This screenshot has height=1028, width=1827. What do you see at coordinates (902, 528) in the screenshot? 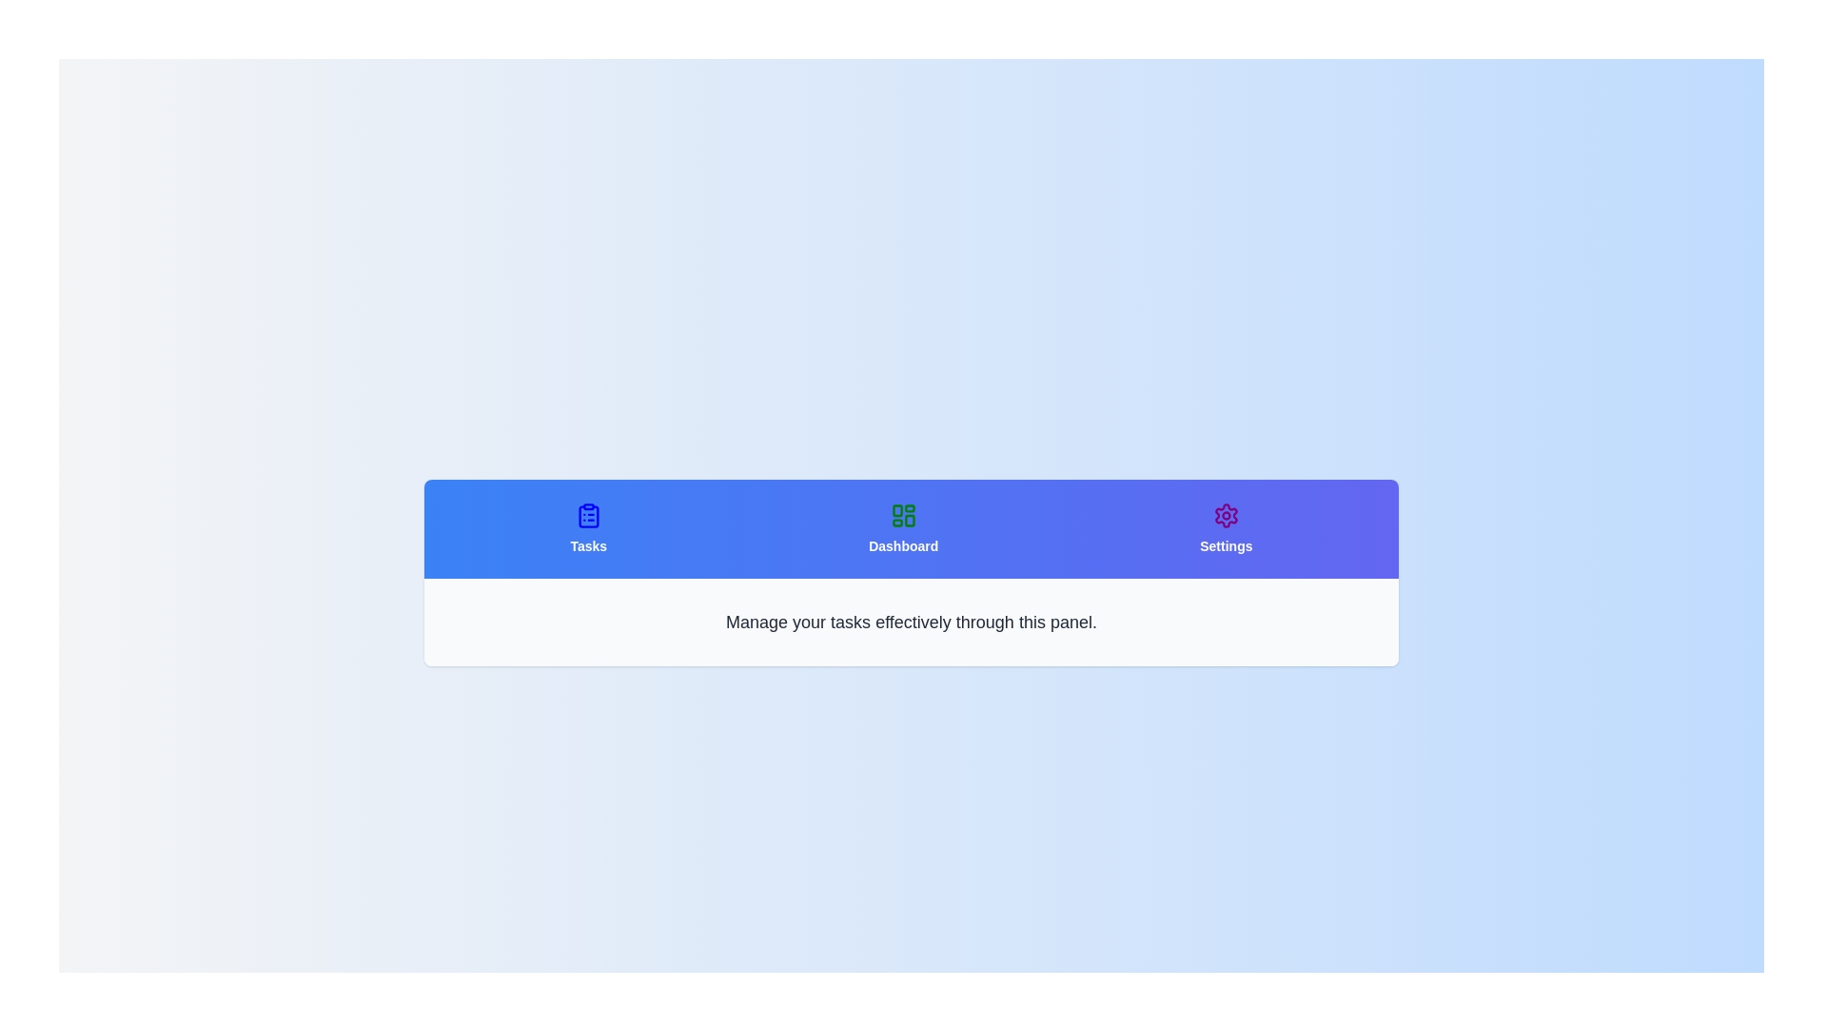
I see `the Dashboard tab by clicking on its button` at bounding box center [902, 528].